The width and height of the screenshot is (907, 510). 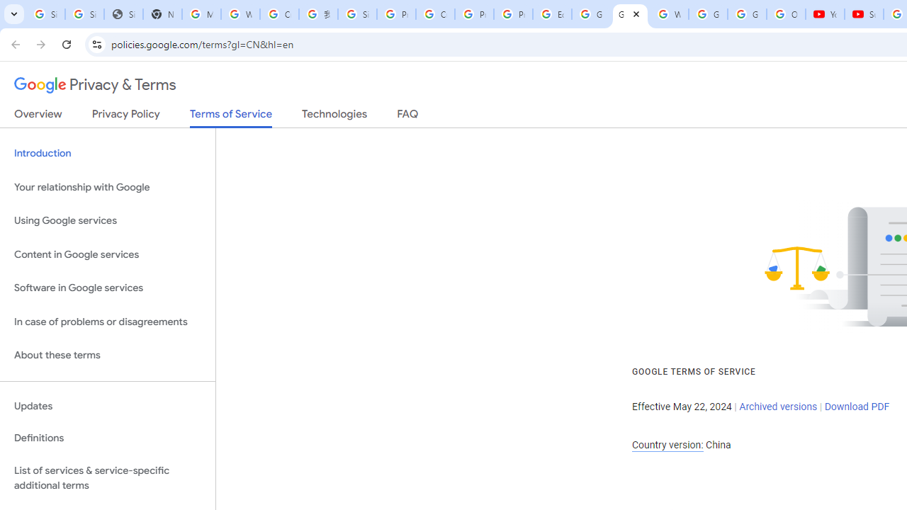 I want to click on 'Google Slides: Sign-in', so click(x=590, y=14).